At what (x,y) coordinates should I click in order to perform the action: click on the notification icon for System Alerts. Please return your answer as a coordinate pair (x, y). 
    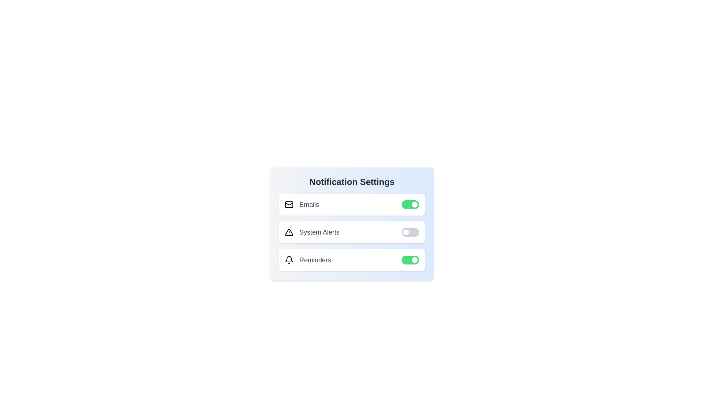
    Looking at the image, I should click on (289, 232).